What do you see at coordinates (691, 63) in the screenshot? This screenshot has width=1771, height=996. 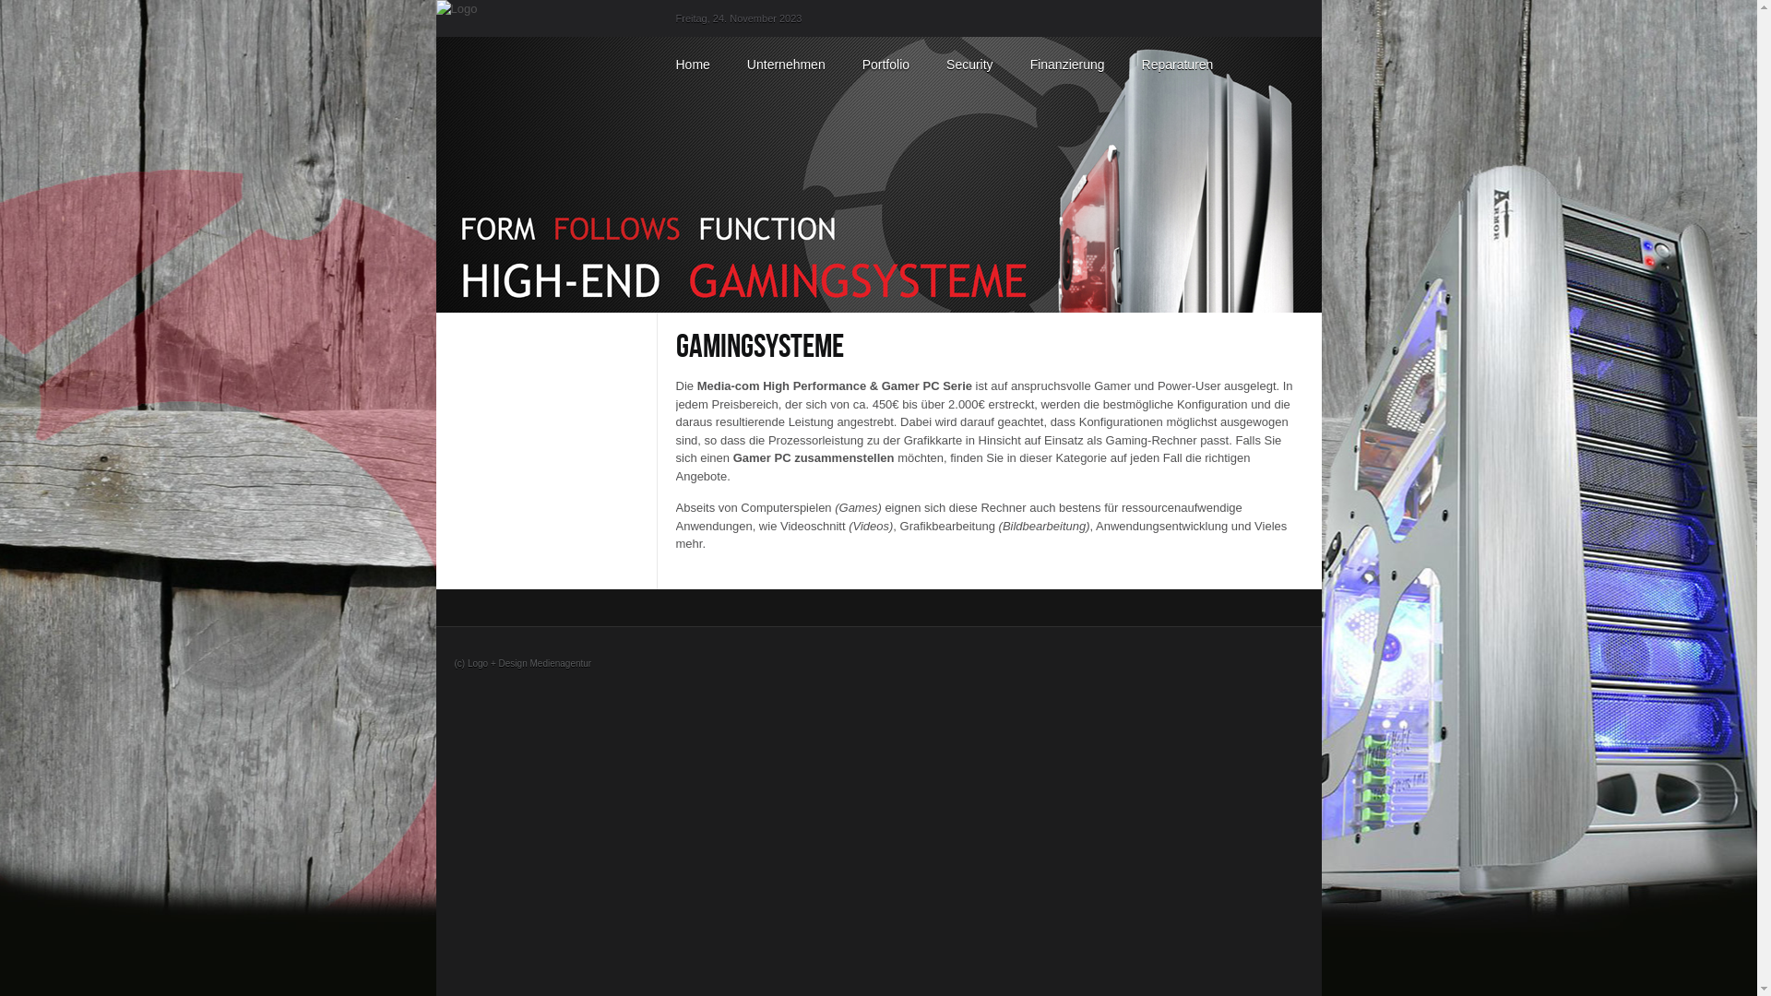 I see `'Home'` at bounding box center [691, 63].